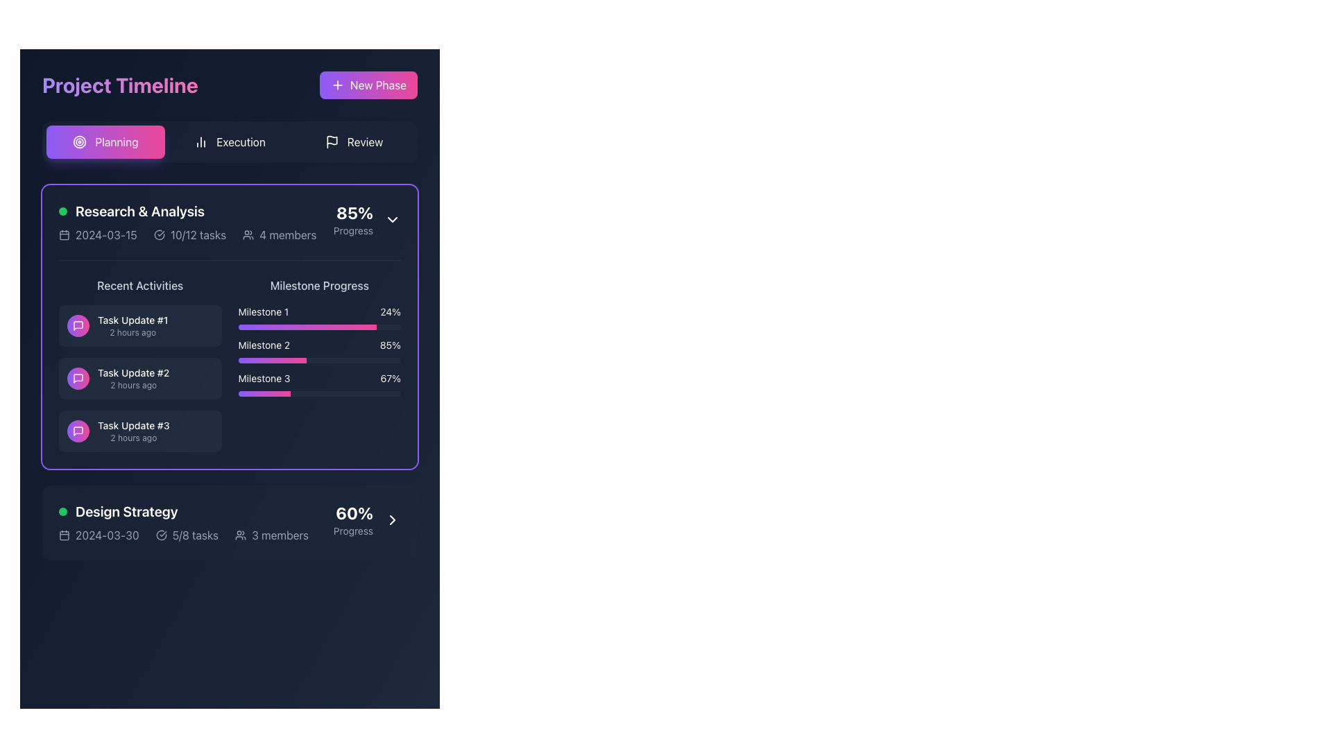 The image size is (1332, 749). Describe the element at coordinates (287, 234) in the screenshot. I see `the Text label displaying the number of members linked to the current project or task, located within the 'Research & Analysis' section` at that location.